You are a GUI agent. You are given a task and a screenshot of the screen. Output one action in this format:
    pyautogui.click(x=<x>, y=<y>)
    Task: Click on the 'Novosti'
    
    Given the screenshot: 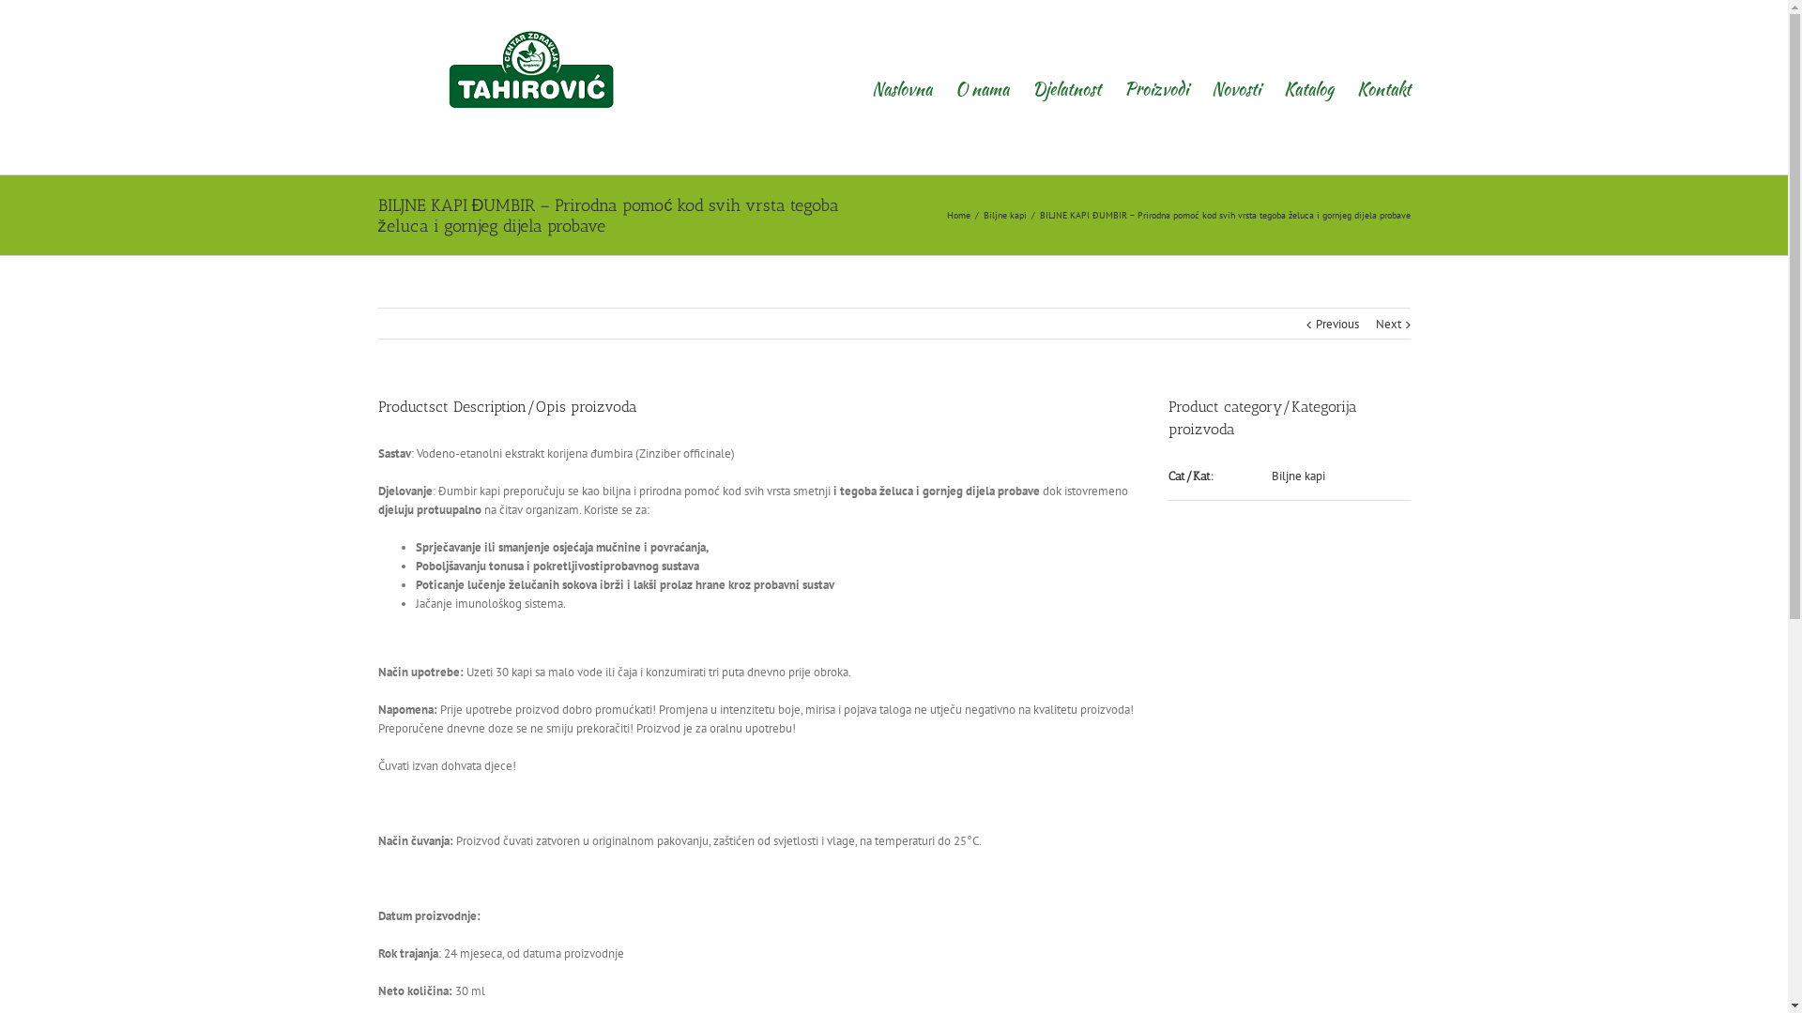 What is the action you would take?
    pyautogui.click(x=1211, y=86)
    